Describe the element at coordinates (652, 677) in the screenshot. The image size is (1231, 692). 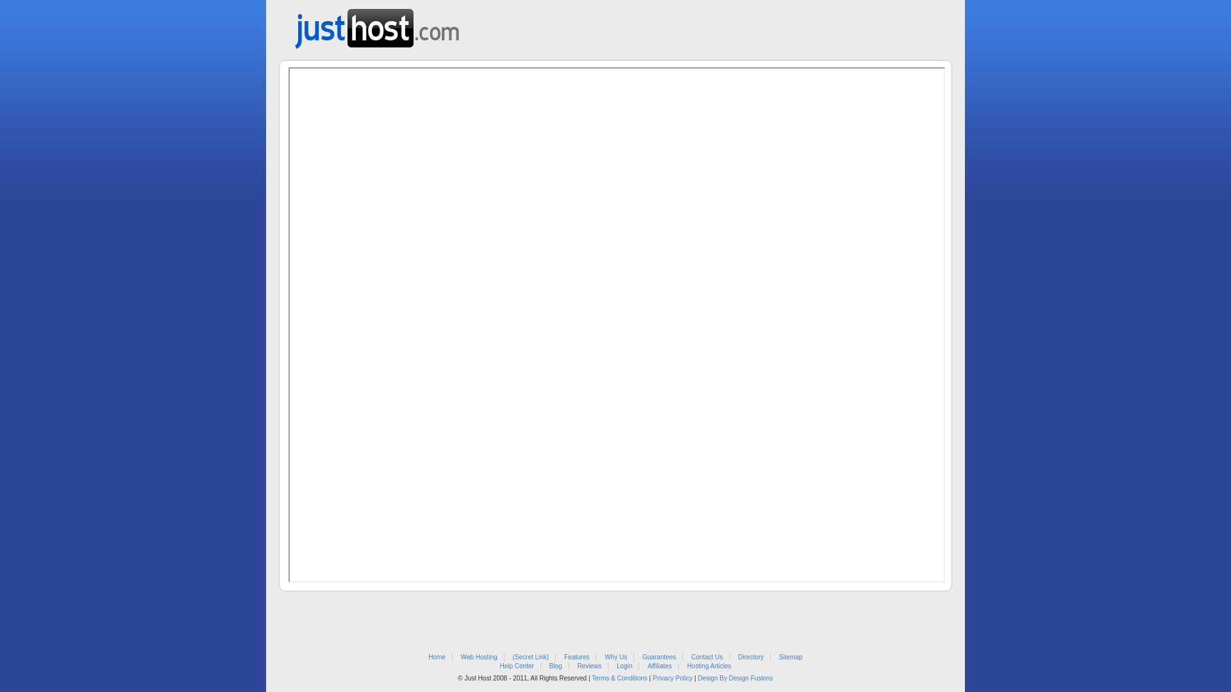
I see `'Privacy Policy'` at that location.